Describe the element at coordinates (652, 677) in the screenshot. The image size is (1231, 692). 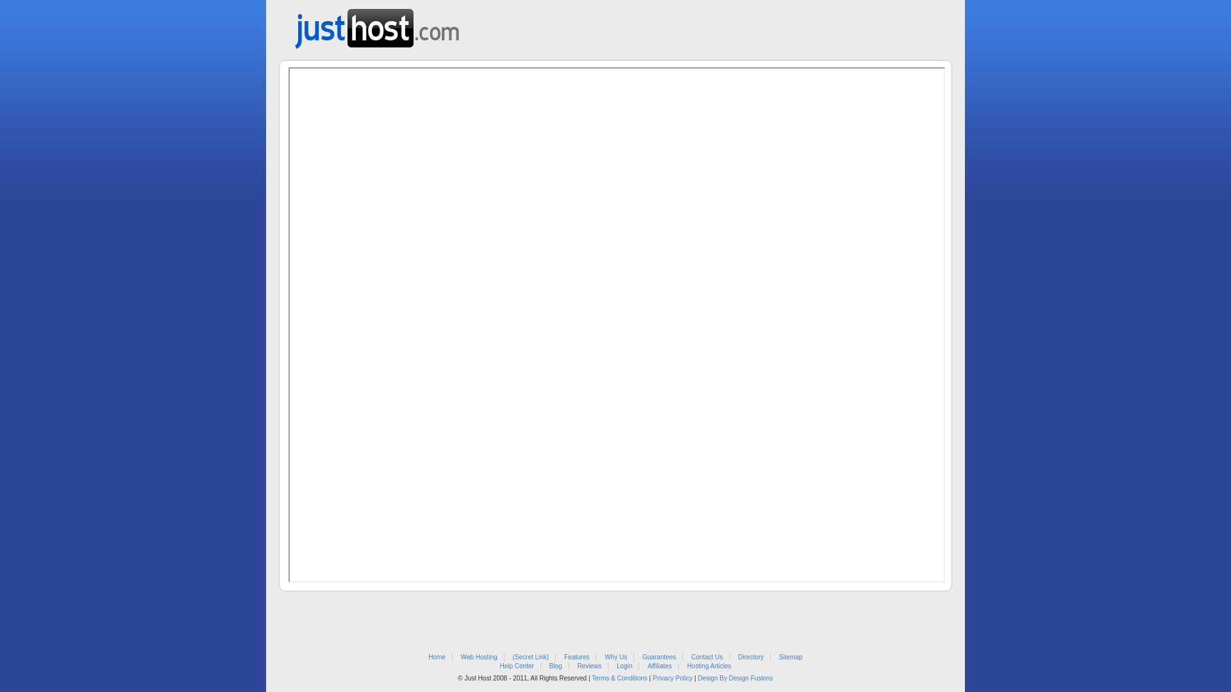
I see `'Privacy Policy'` at that location.